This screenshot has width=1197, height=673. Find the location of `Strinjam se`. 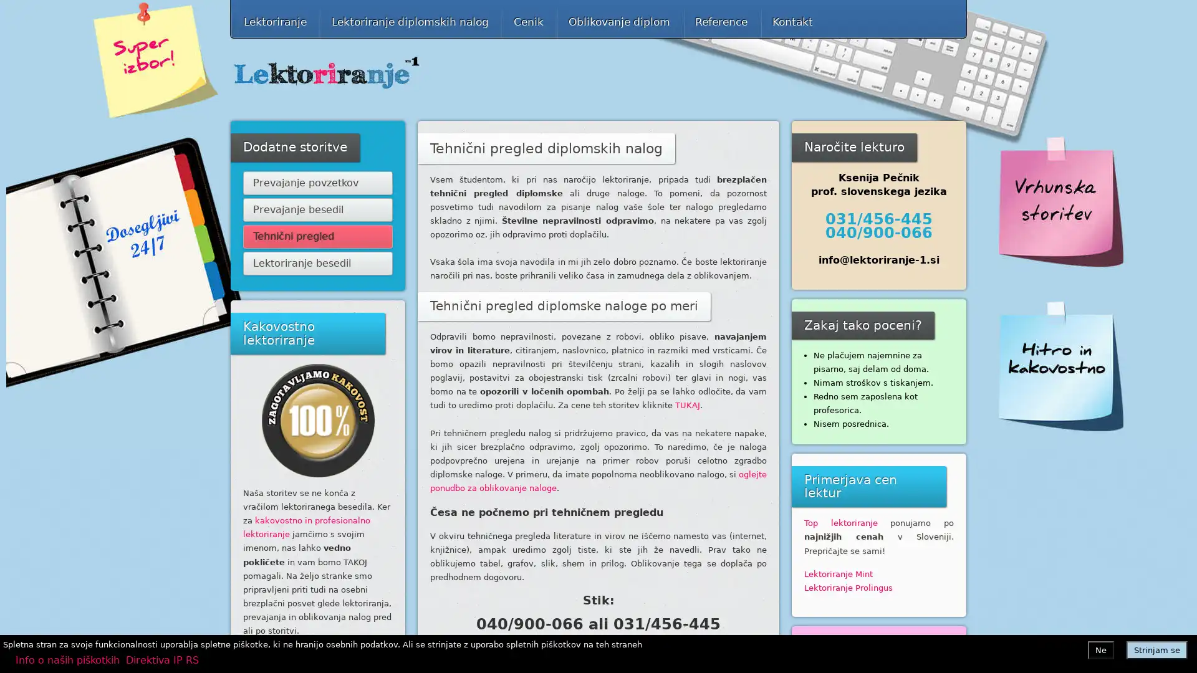

Strinjam se is located at coordinates (1156, 649).